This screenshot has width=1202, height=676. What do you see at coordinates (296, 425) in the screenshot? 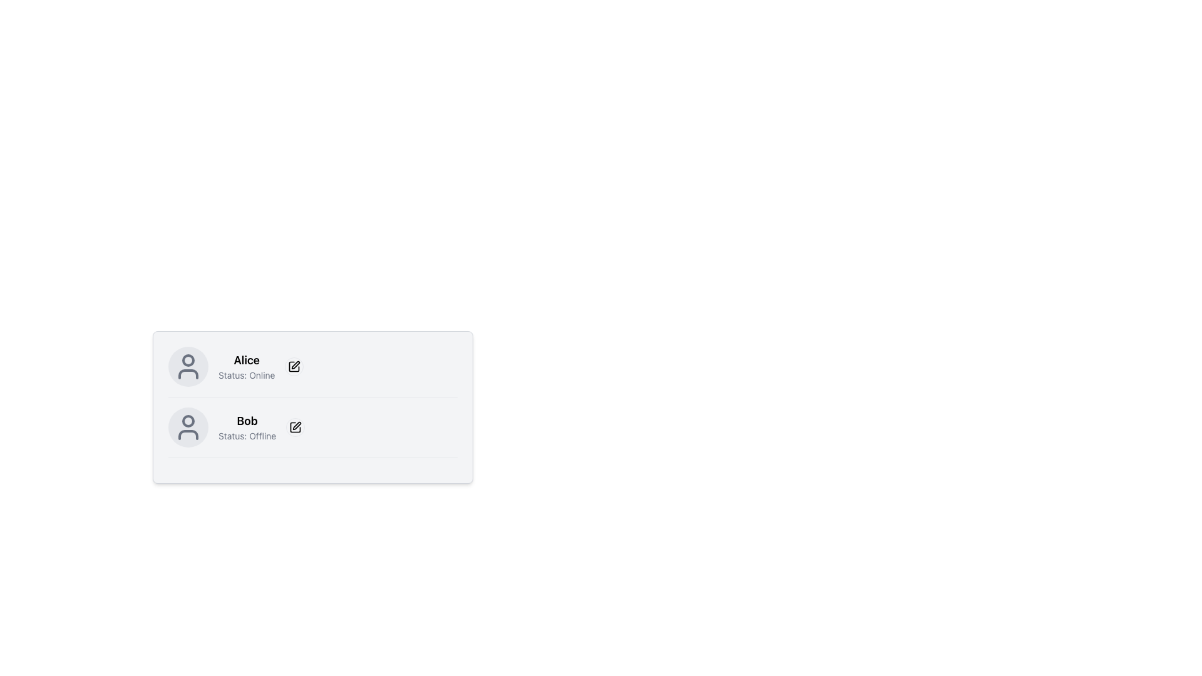
I see `the edit icon (pen) located to the right of the username 'Alice' in the user list interface` at bounding box center [296, 425].